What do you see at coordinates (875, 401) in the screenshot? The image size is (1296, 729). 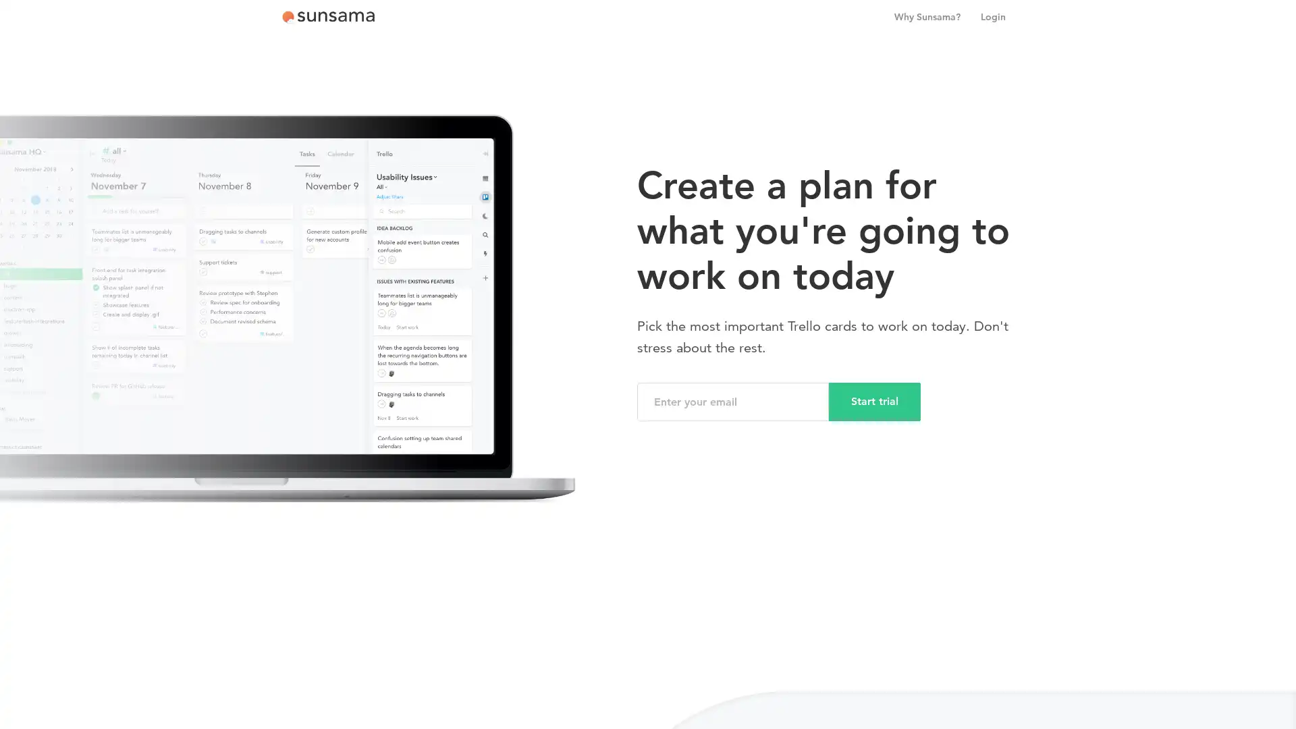 I see `Start trial` at bounding box center [875, 401].